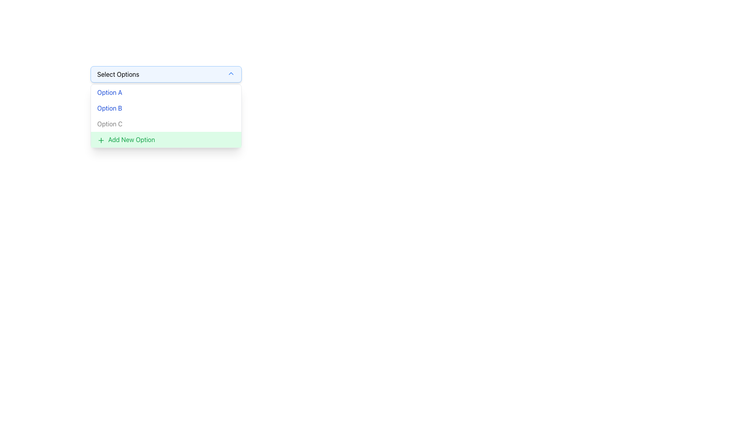  Describe the element at coordinates (166, 108) in the screenshot. I see `the dropdown option list` at that location.